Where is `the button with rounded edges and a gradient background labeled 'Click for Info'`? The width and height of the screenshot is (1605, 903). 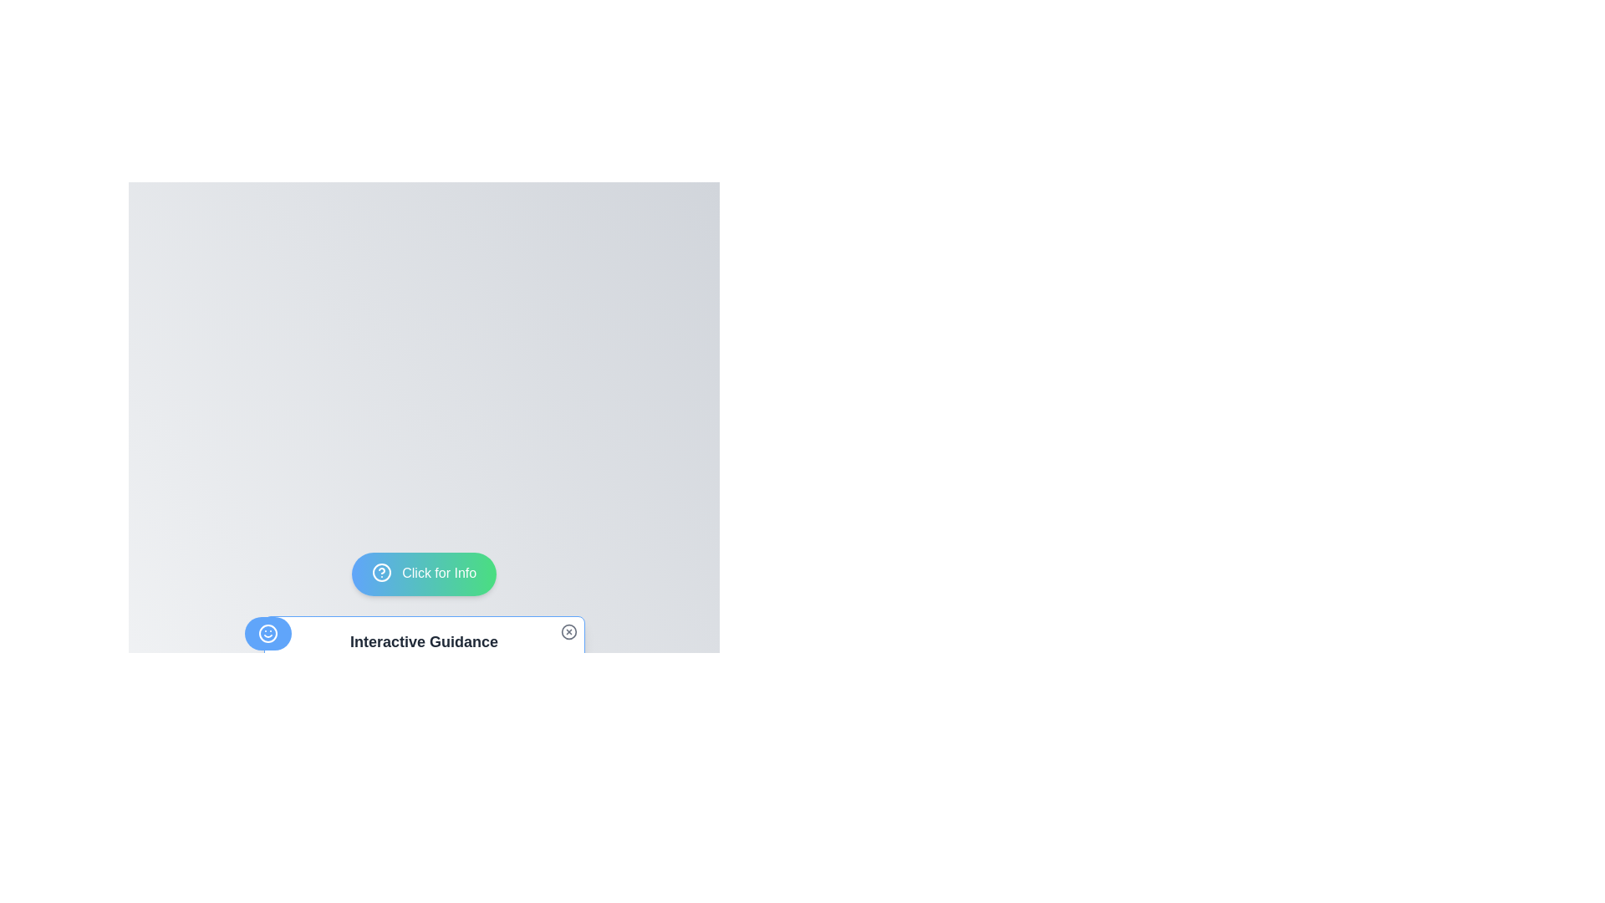
the button with rounded edges and a gradient background labeled 'Click for Info' is located at coordinates (424, 573).